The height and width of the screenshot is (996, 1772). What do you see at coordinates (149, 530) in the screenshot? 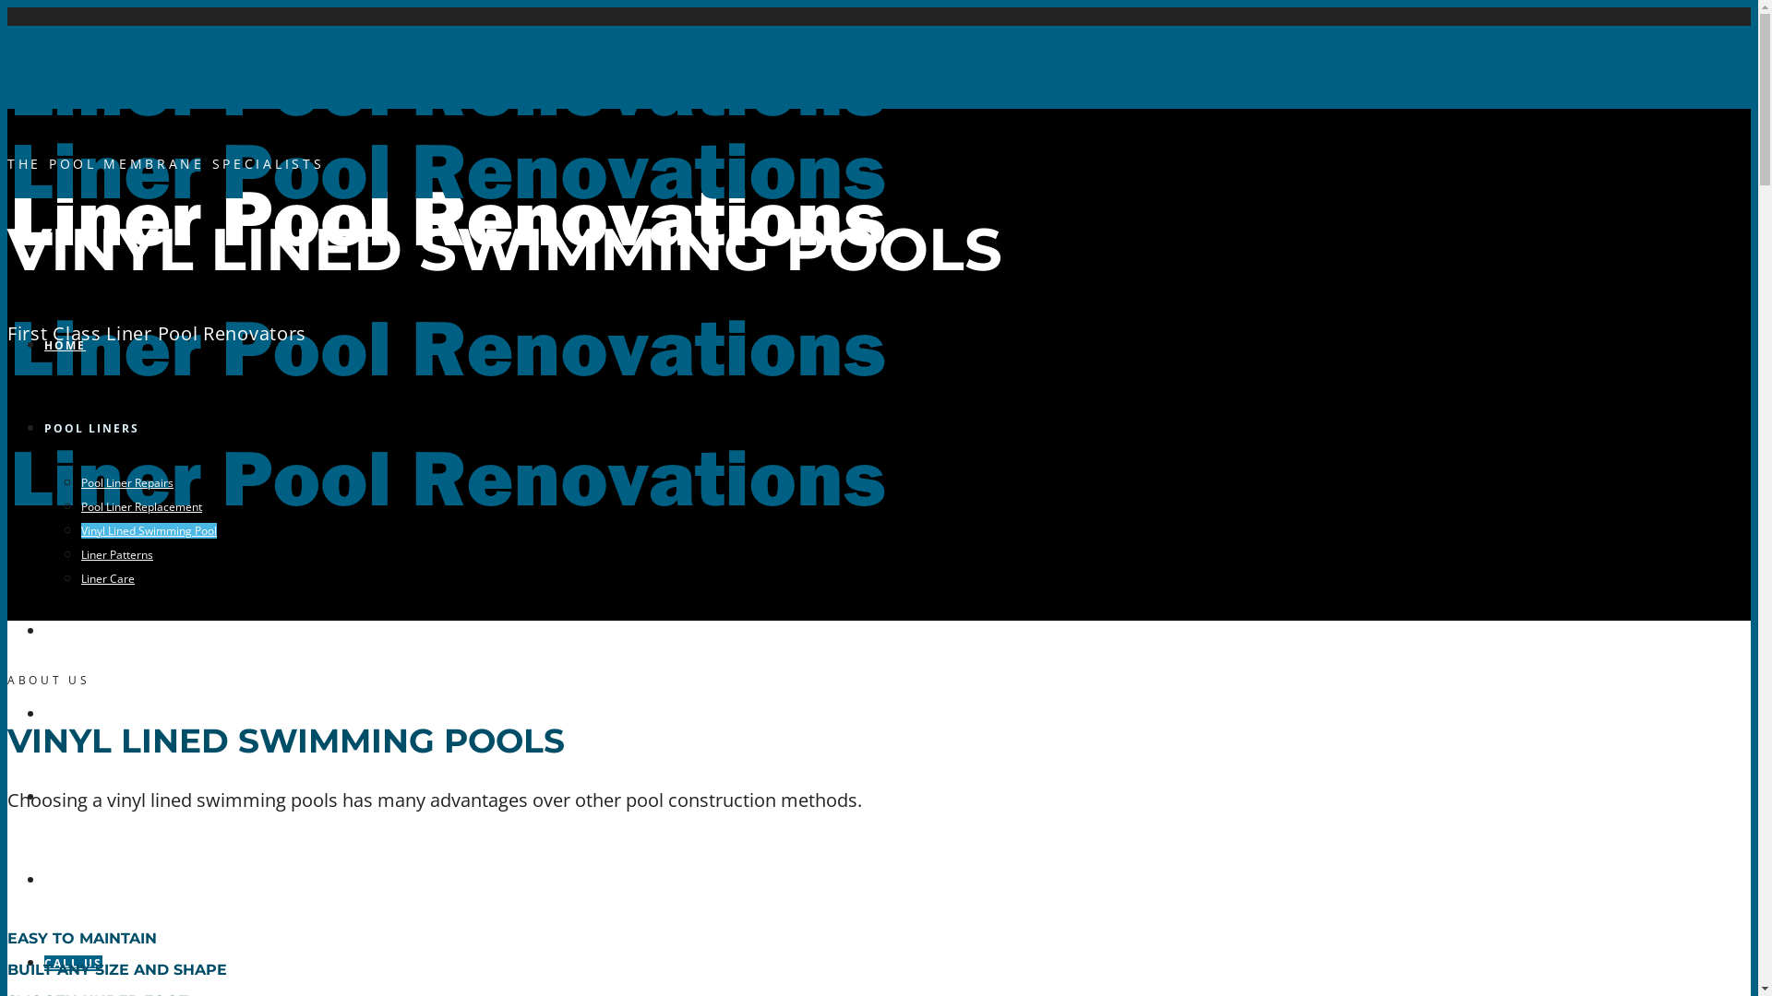
I see `'Vinyl Lined Swimming Pool'` at bounding box center [149, 530].